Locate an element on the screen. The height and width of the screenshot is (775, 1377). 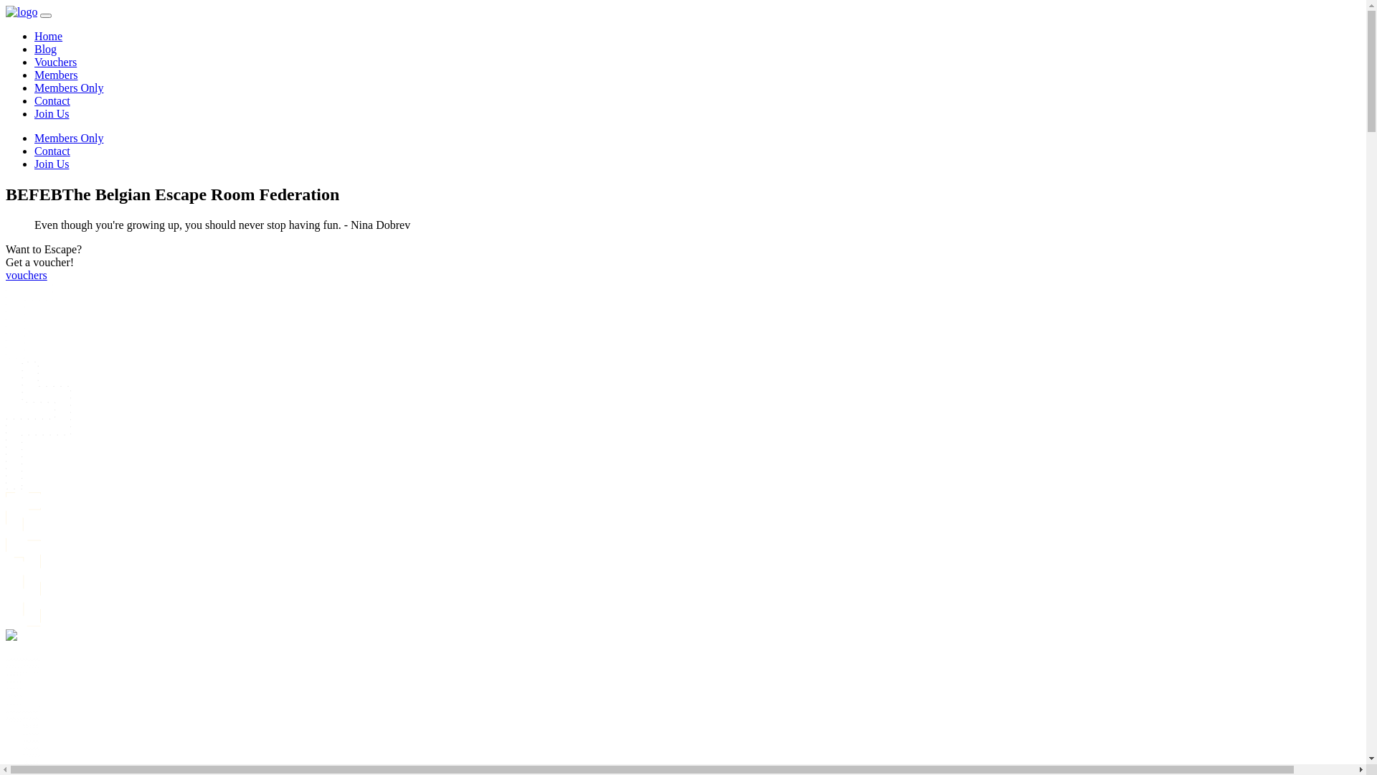
'Home' is located at coordinates (34, 35).